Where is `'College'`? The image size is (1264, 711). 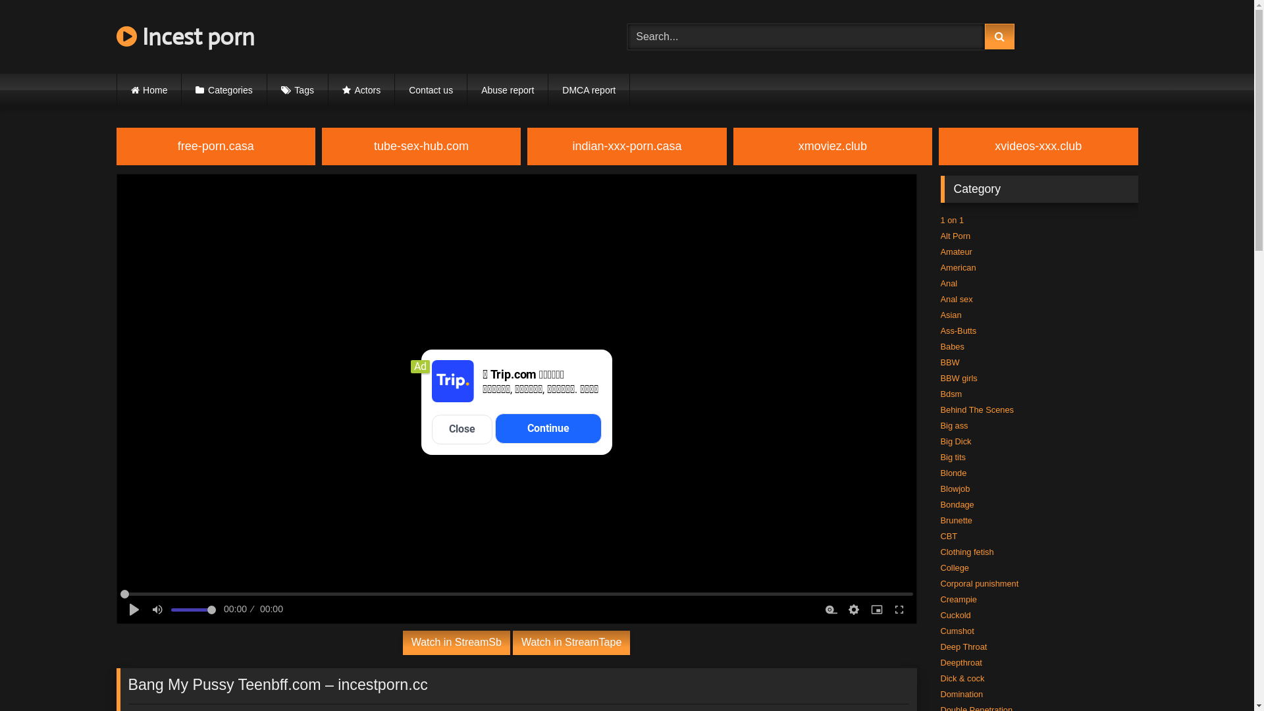 'College' is located at coordinates (954, 567).